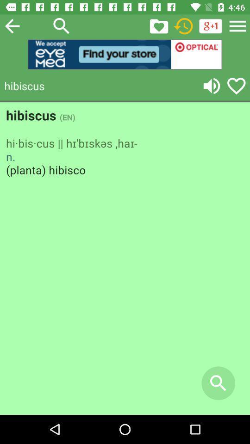  What do you see at coordinates (237, 25) in the screenshot?
I see `menu` at bounding box center [237, 25].